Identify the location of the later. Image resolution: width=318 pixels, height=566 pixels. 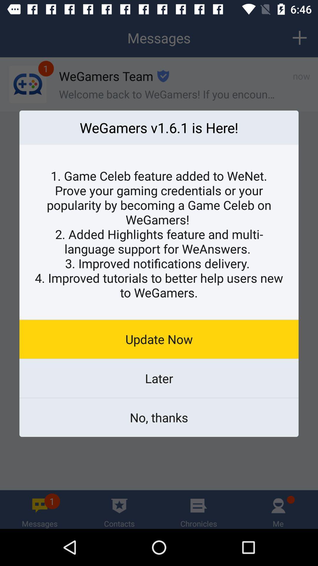
(159, 378).